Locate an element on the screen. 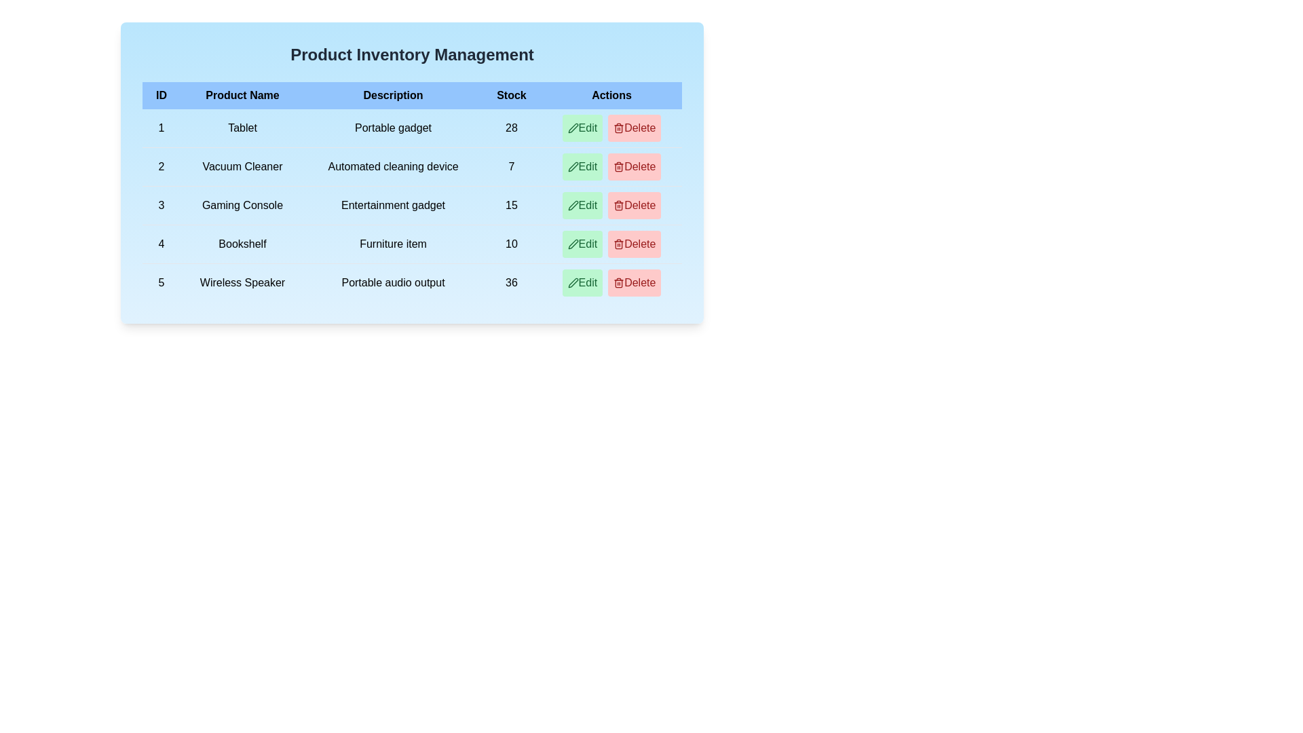 The width and height of the screenshot is (1303, 733). the 'Delete' button in the button group located in the 'Actions' column of the fourth row of the table, adjacent to the 'Furniture item' cell is located at coordinates (611, 243).